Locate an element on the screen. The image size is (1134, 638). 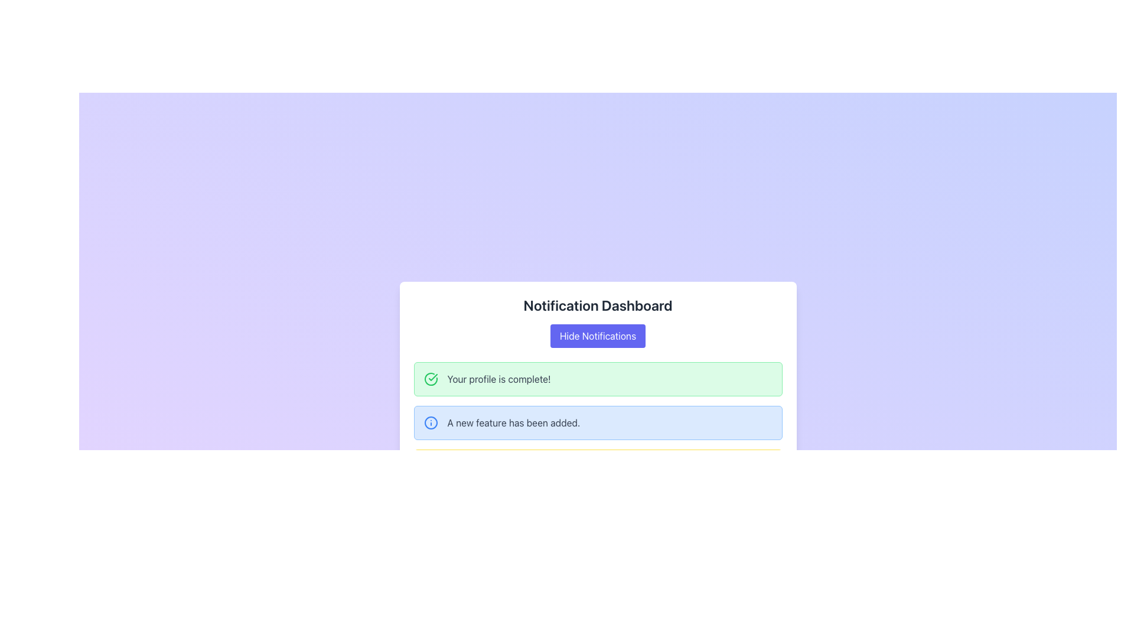
the green checkmark icon located on the left side of the notification message within the main notification listing area is located at coordinates (432, 377).